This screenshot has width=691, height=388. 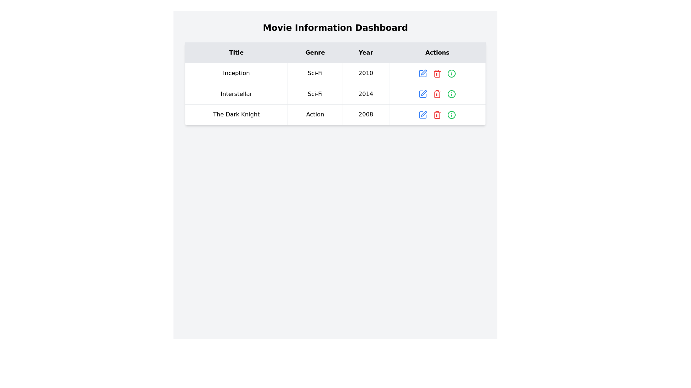 I want to click on the text label representing the title of a movie in the third row and first column of the table, so click(x=236, y=114).